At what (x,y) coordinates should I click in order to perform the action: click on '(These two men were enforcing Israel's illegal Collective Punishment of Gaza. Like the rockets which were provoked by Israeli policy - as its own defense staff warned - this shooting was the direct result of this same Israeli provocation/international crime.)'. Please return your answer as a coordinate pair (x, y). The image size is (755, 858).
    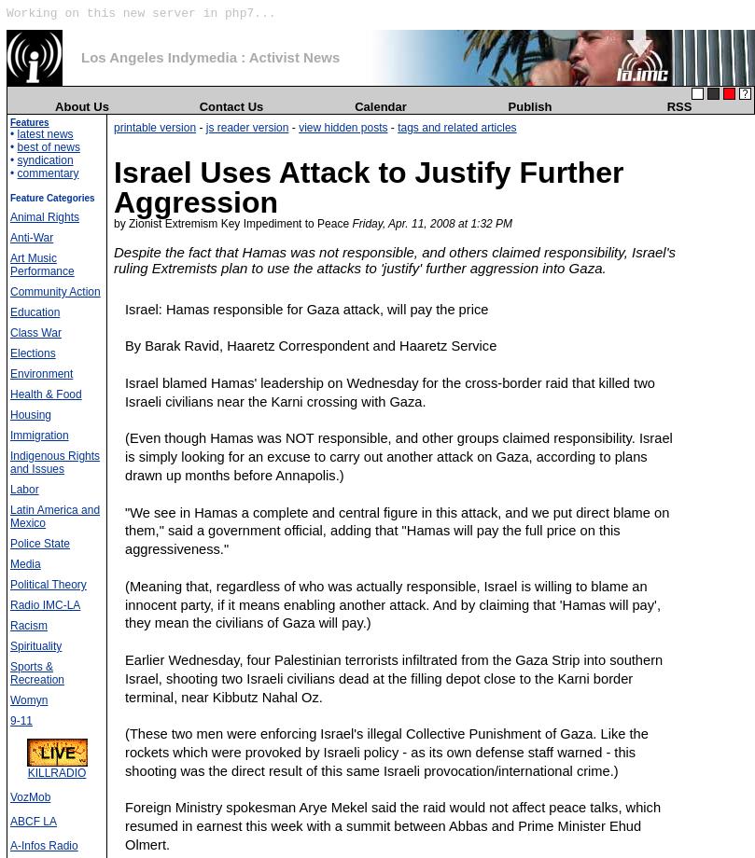
    Looking at the image, I should click on (384, 751).